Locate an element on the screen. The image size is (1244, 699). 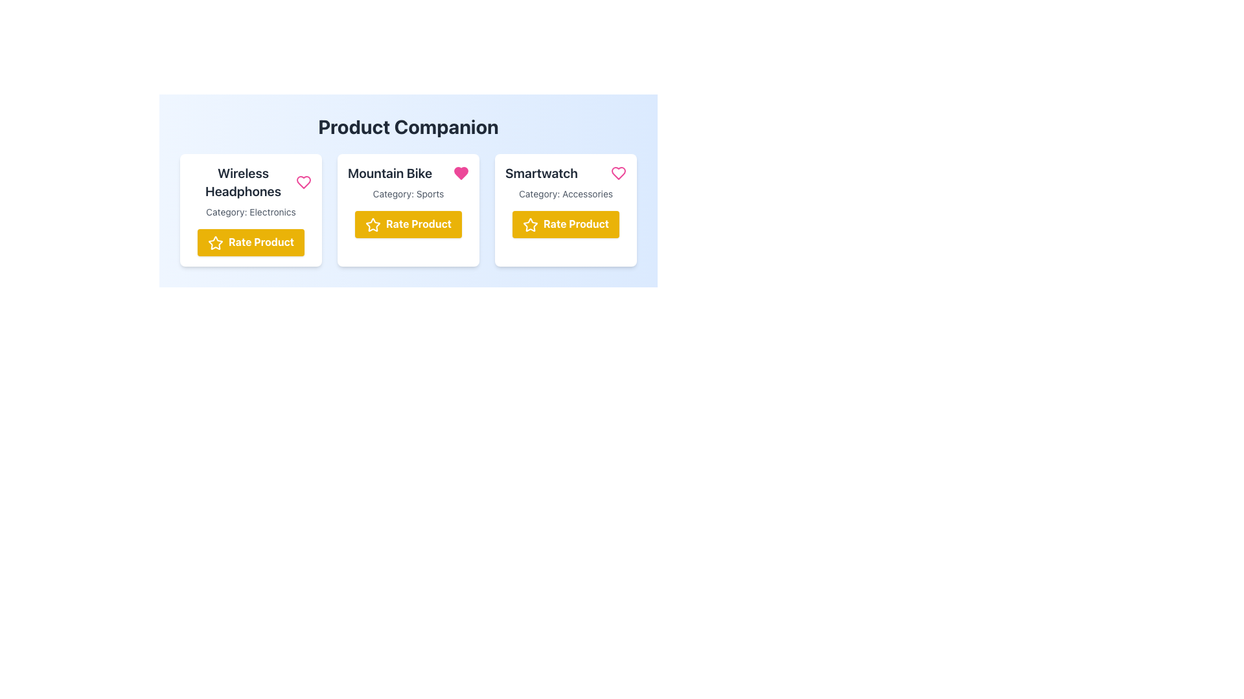
the 'Smartwatch' product card, which includes a button for rating and an icon, located at the far right of the row of three cards is located at coordinates (566, 209).